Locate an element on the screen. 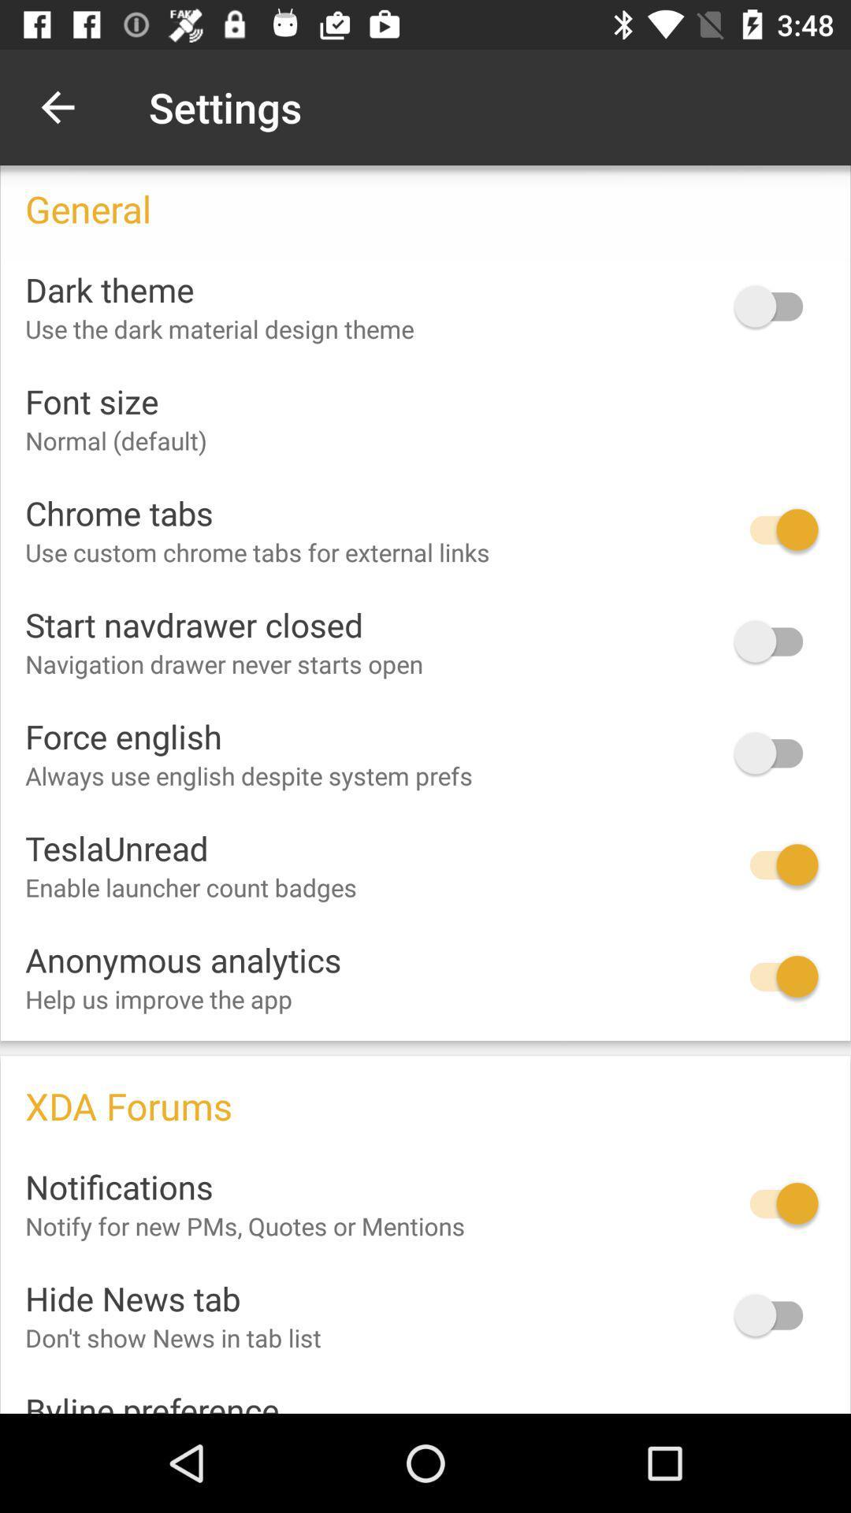  switch the notification option is located at coordinates (775, 1203).